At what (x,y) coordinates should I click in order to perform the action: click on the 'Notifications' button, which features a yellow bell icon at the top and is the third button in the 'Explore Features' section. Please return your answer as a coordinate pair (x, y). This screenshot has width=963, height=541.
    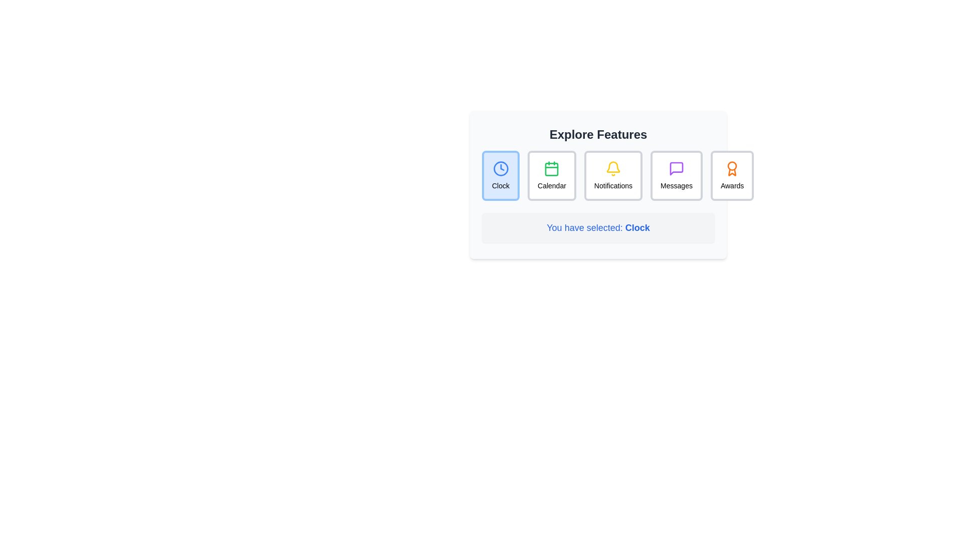
    Looking at the image, I should click on (613, 175).